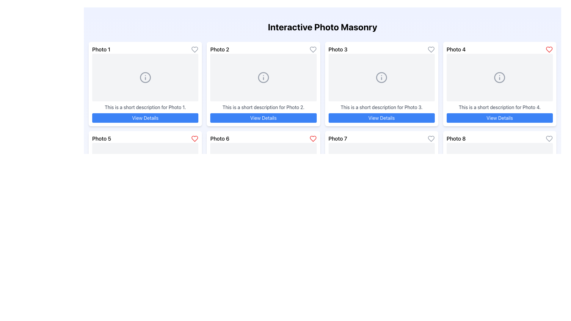  Describe the element at coordinates (431, 49) in the screenshot. I see `the heart icon in the top-right corner of the 'Photo 3' card to indicate a 'like' or 'favorite' for the associated content` at that location.